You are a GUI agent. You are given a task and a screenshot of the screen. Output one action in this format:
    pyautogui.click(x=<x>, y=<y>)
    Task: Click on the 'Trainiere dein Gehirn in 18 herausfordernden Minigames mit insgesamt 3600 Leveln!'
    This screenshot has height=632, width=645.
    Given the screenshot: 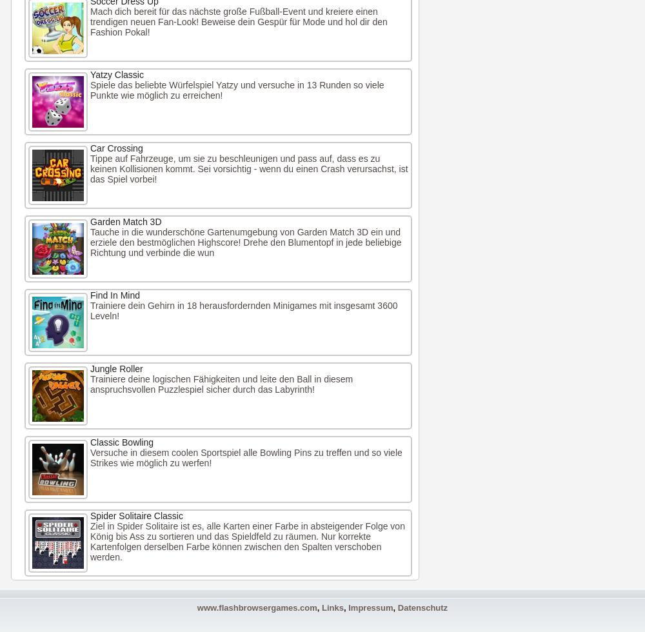 What is the action you would take?
    pyautogui.click(x=244, y=310)
    